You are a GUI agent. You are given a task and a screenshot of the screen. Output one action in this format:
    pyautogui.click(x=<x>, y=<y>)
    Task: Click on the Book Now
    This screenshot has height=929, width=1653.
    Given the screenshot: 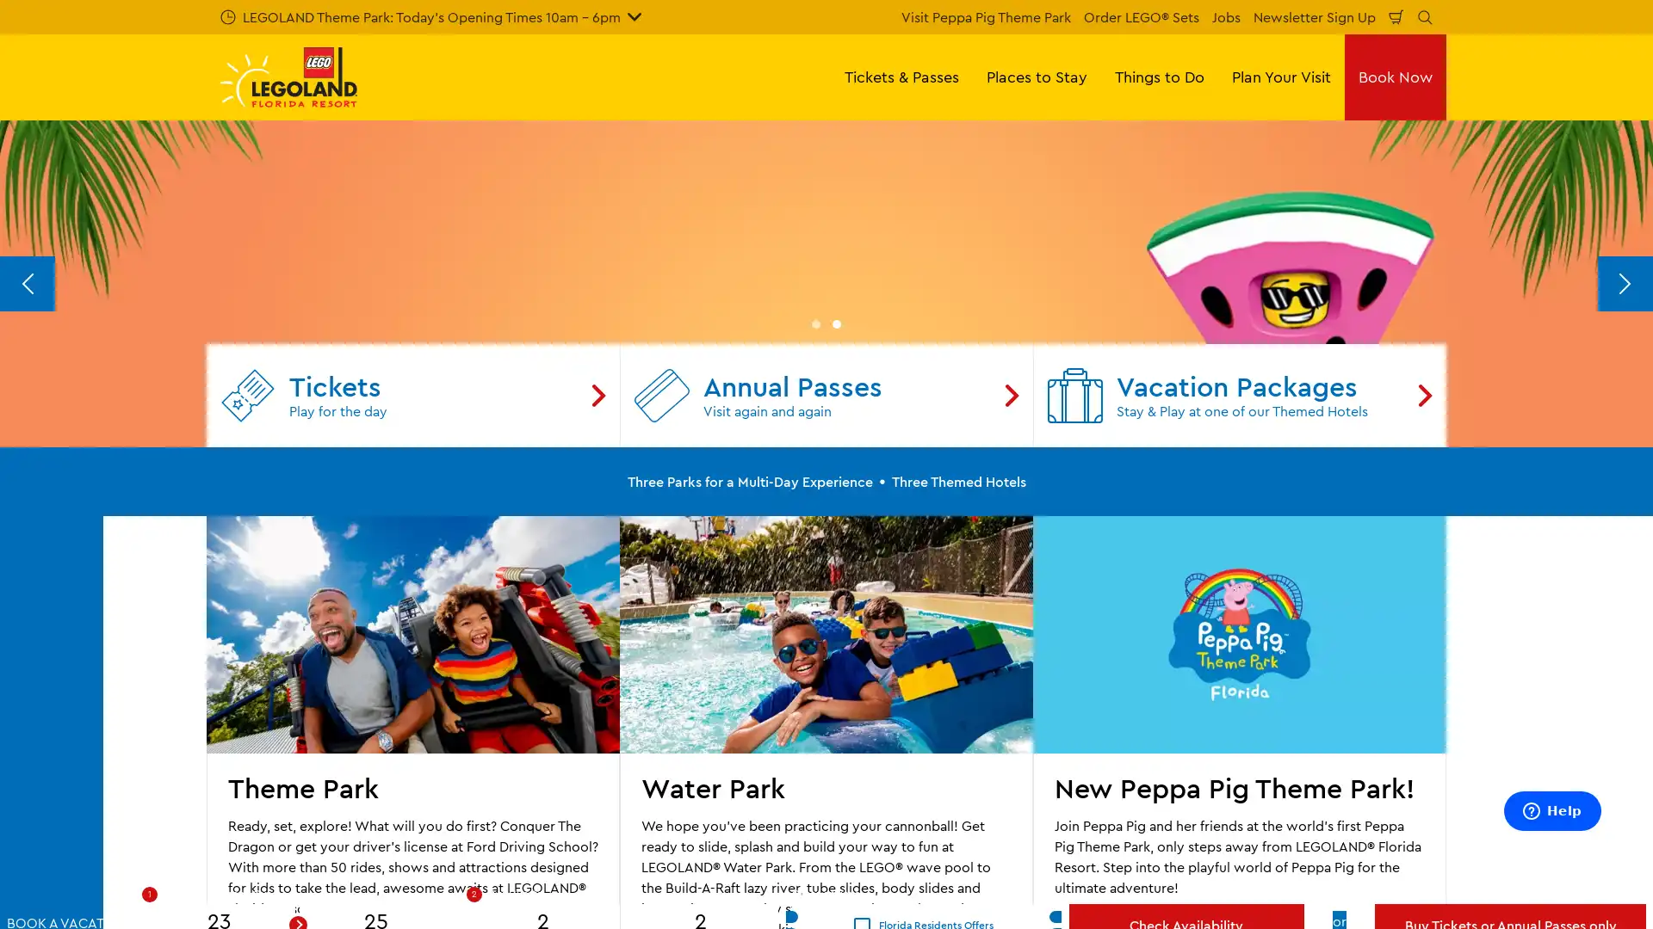 What is the action you would take?
    pyautogui.click(x=1396, y=76)
    